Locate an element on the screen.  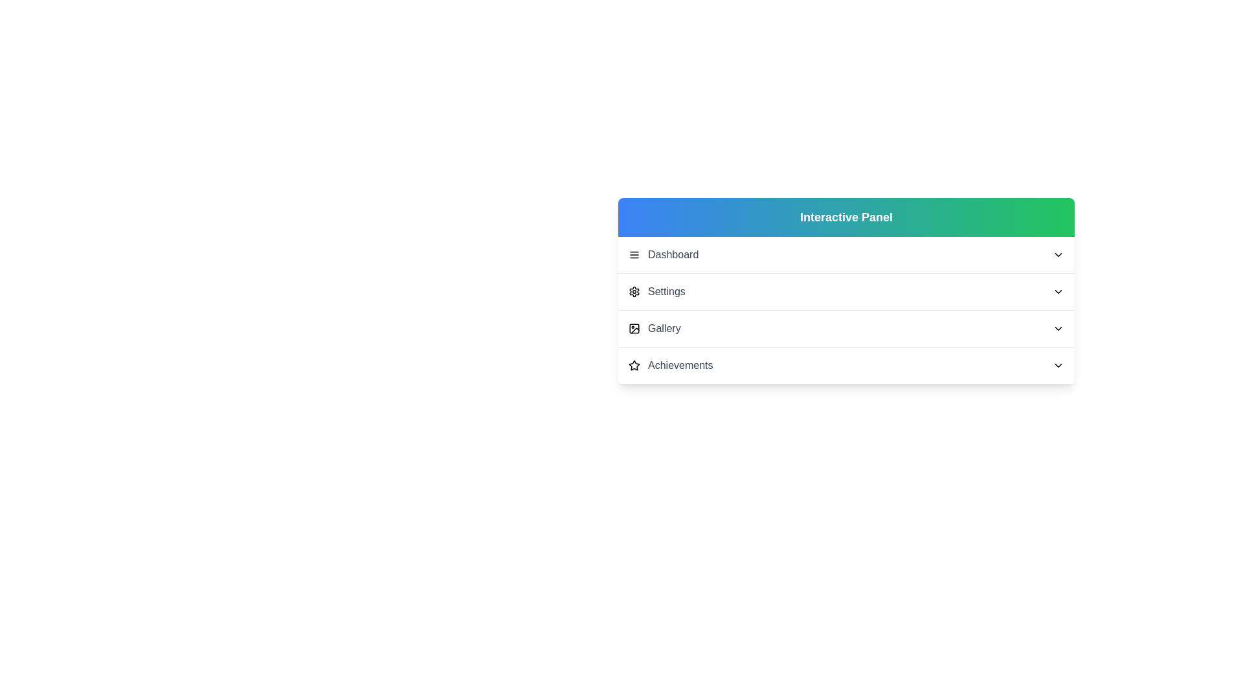
the third navigational list item for accessing the 'Gallery' section, which is located between the 'Settings' and 'Achievements' items is located at coordinates (846, 328).